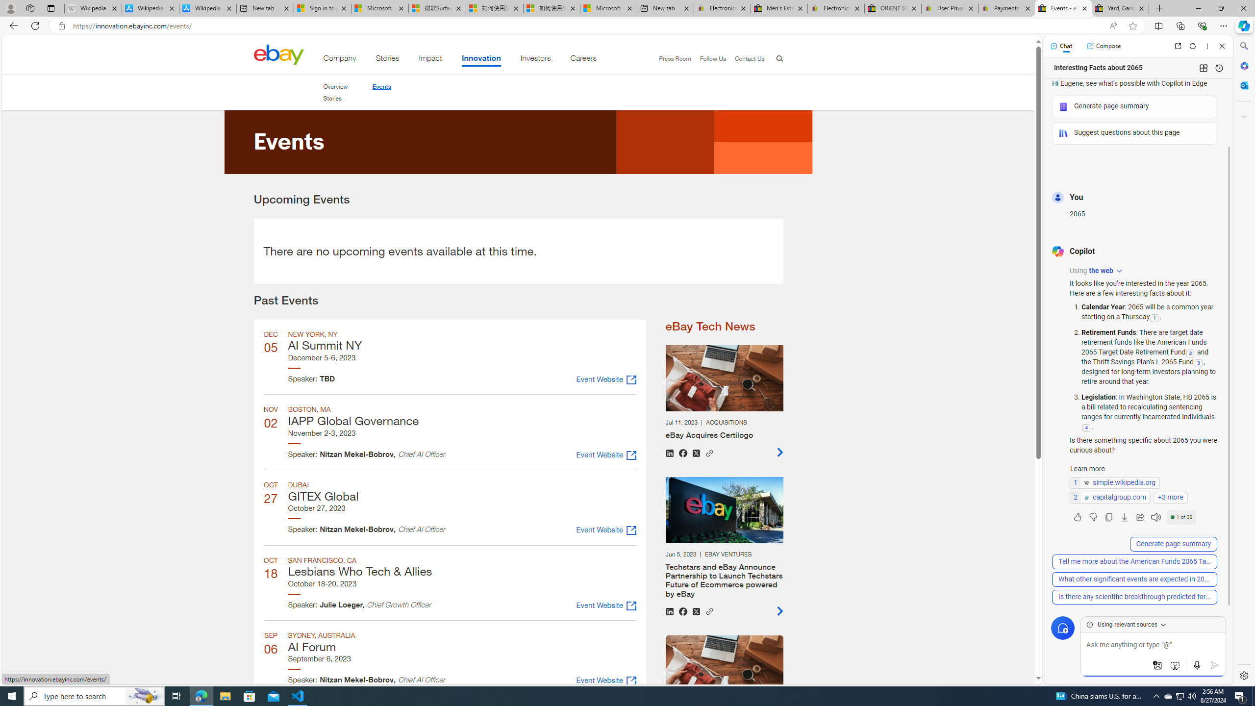 This screenshot has width=1255, height=706. Describe the element at coordinates (430, 60) in the screenshot. I see `'Impact'` at that location.